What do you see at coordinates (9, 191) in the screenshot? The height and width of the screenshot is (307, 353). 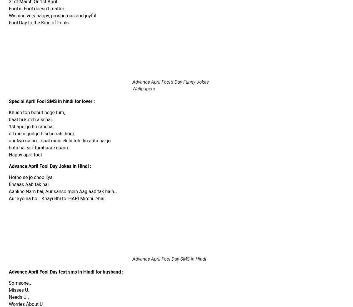 I see `'Aankhe Nam hai, Aur sanso mein Aag aab tak hain…'` at bounding box center [9, 191].